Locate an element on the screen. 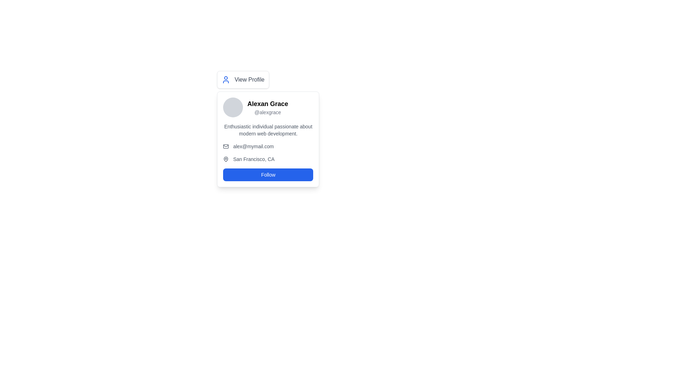 Image resolution: width=681 pixels, height=383 pixels. text content of the 'View Profile' label, which is styled in gray font and located within a user-profile card layout is located at coordinates (249, 79).